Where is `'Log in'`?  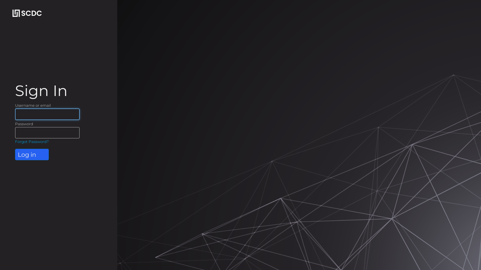
'Log in' is located at coordinates (32, 154).